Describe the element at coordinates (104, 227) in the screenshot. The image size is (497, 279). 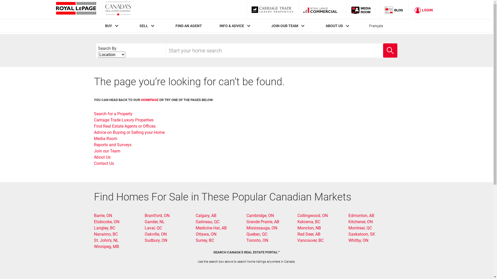
I see `'Langley, BC'` at that location.